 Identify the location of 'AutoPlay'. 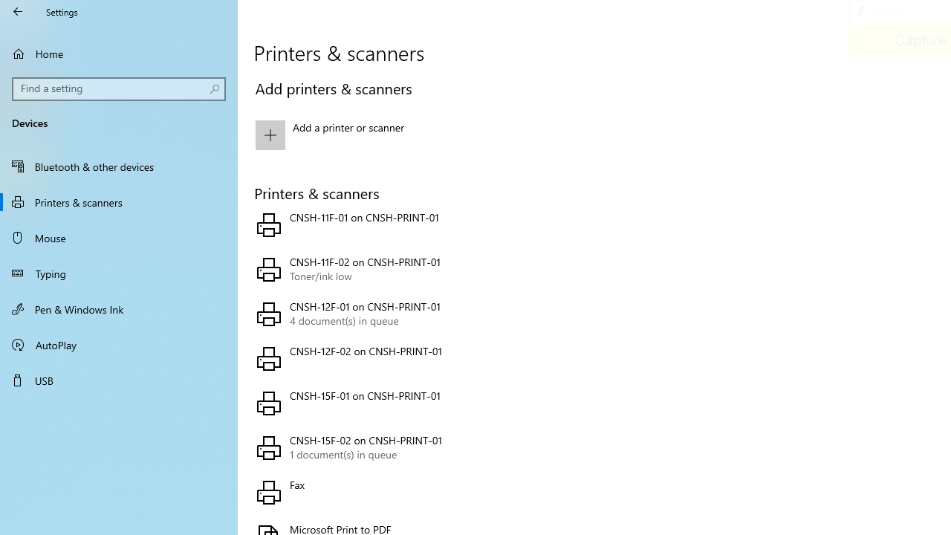
(119, 345).